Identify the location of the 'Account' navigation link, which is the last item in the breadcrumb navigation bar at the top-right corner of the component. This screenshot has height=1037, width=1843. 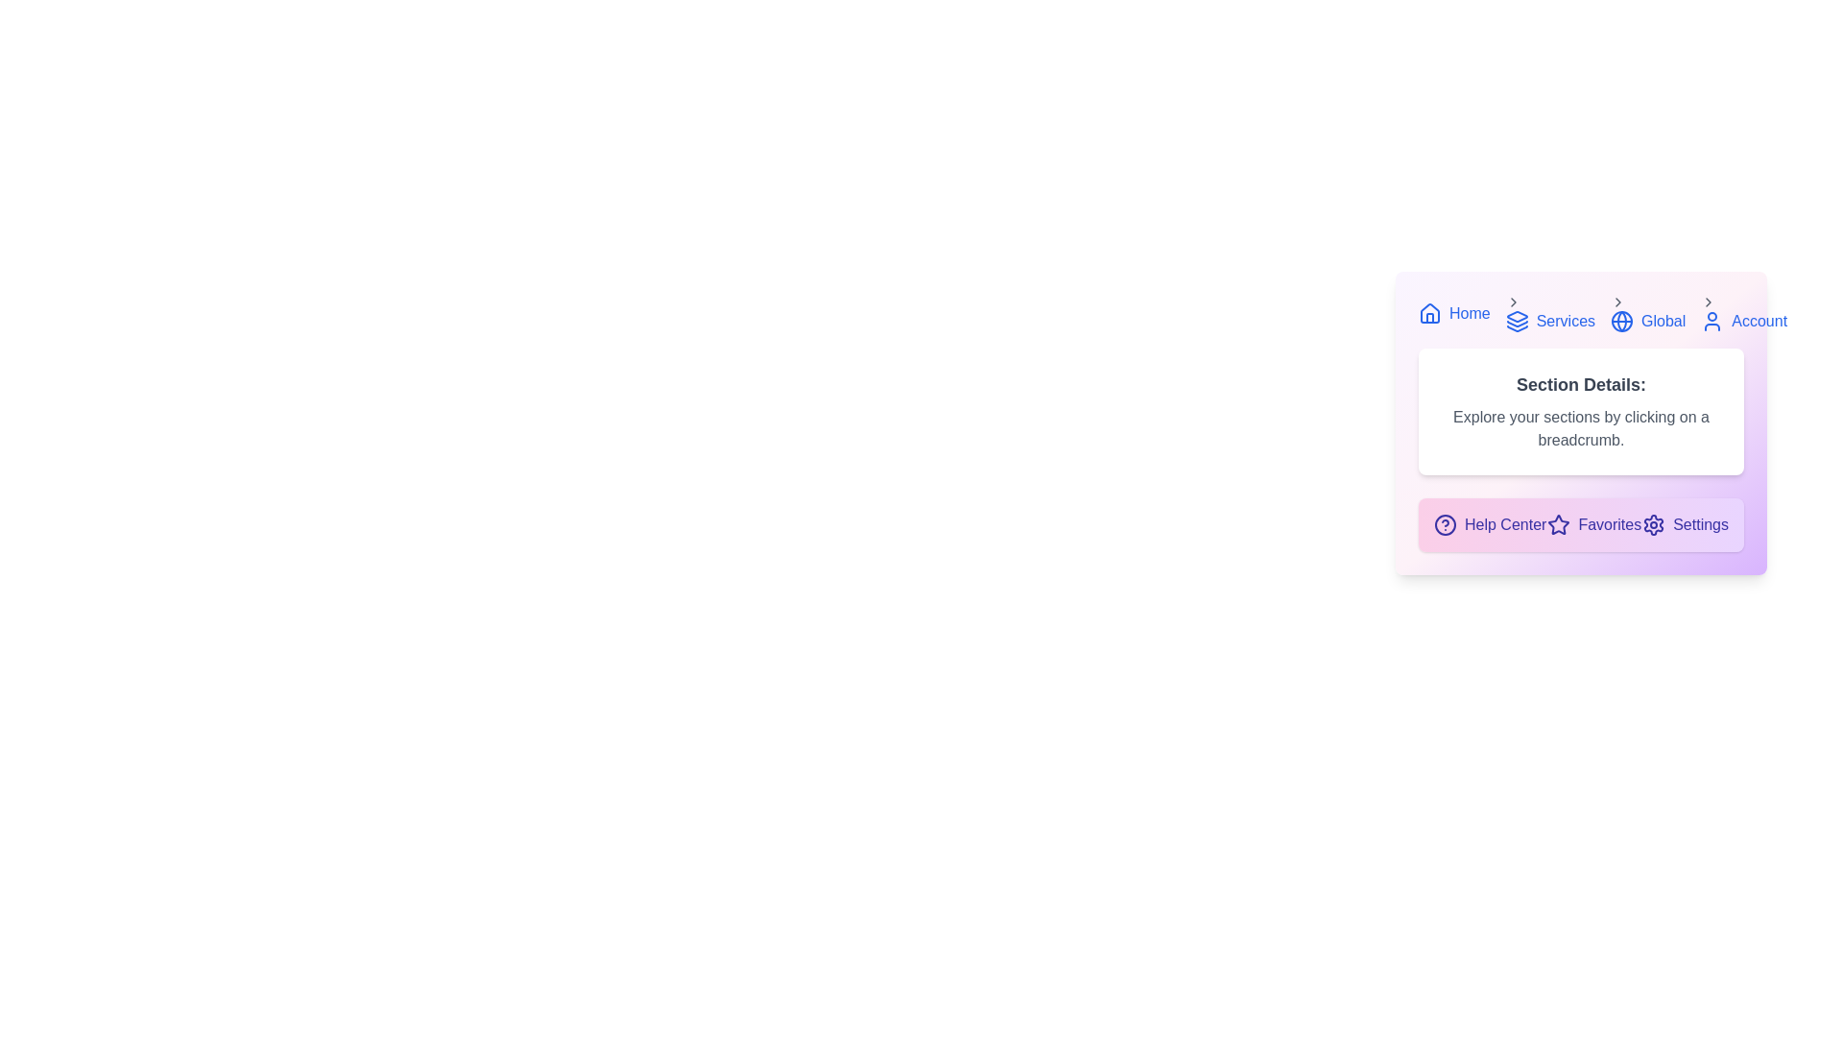
(1744, 313).